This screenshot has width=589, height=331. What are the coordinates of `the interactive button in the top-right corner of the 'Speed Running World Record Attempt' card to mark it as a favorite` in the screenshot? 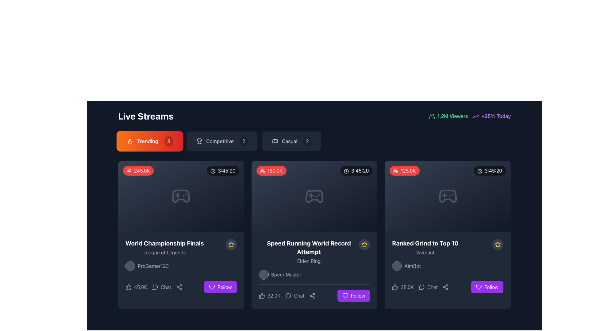 It's located at (364, 244).